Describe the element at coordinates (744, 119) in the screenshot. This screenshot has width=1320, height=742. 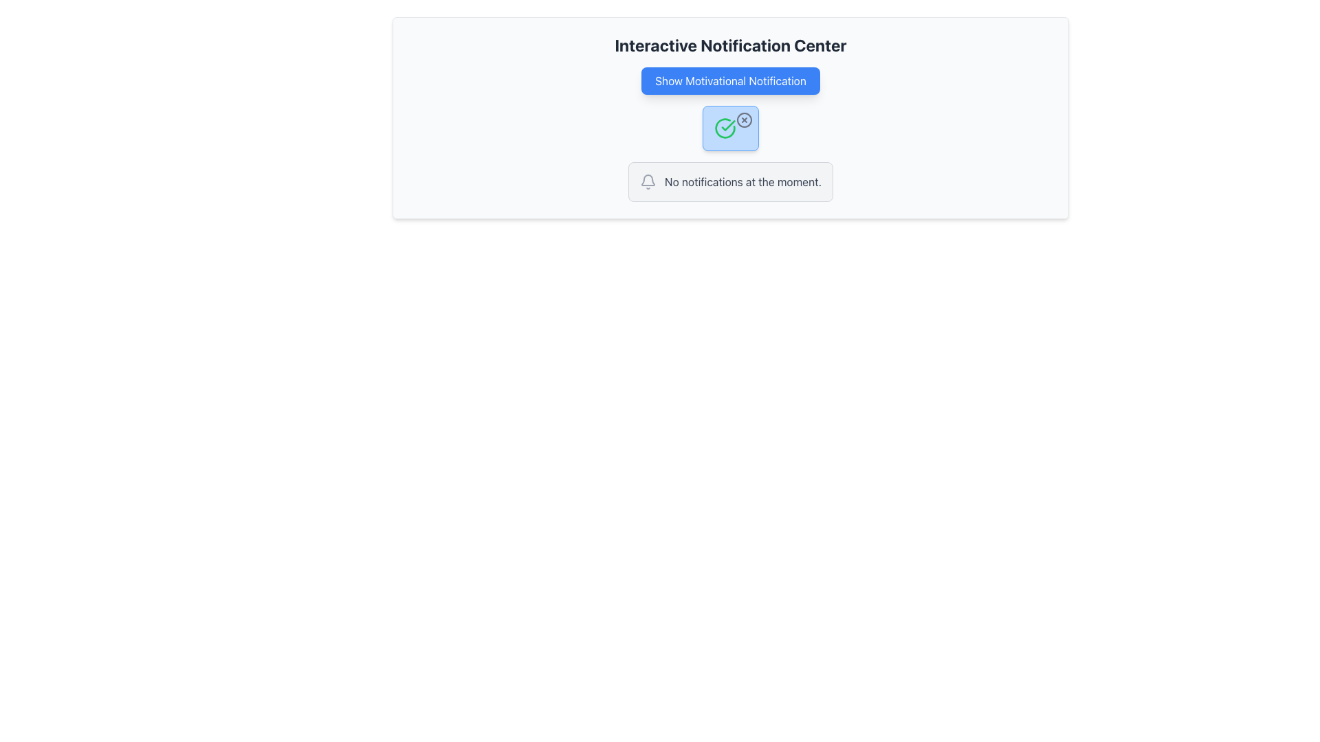
I see `the close button located in the top-right corner of the notification box` at that location.